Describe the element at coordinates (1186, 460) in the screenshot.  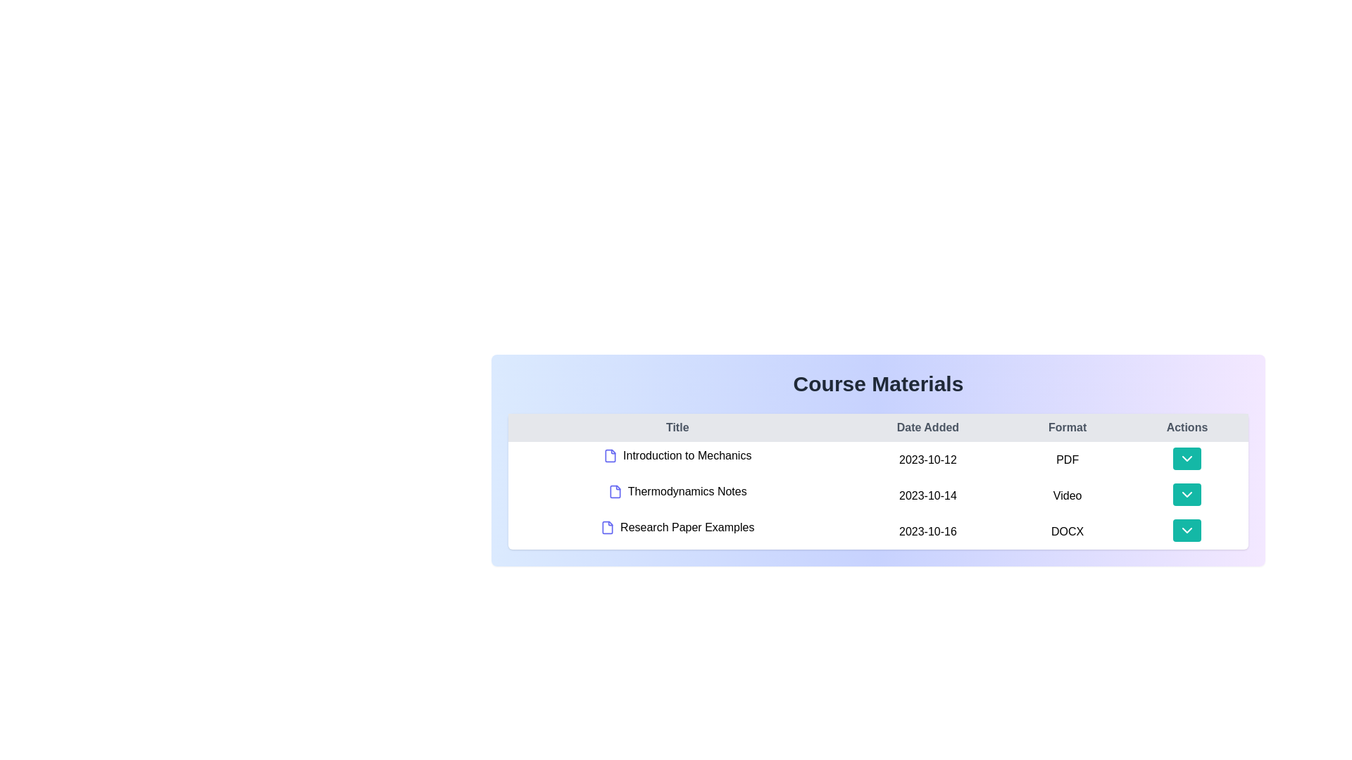
I see `the dropdown trigger button for the 'Introduction to Mechanics' course material` at that location.